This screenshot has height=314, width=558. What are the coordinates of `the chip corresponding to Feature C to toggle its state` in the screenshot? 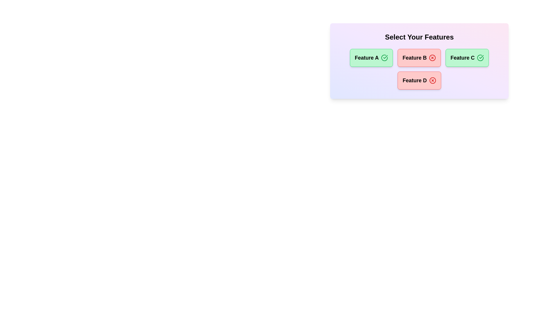 It's located at (467, 58).